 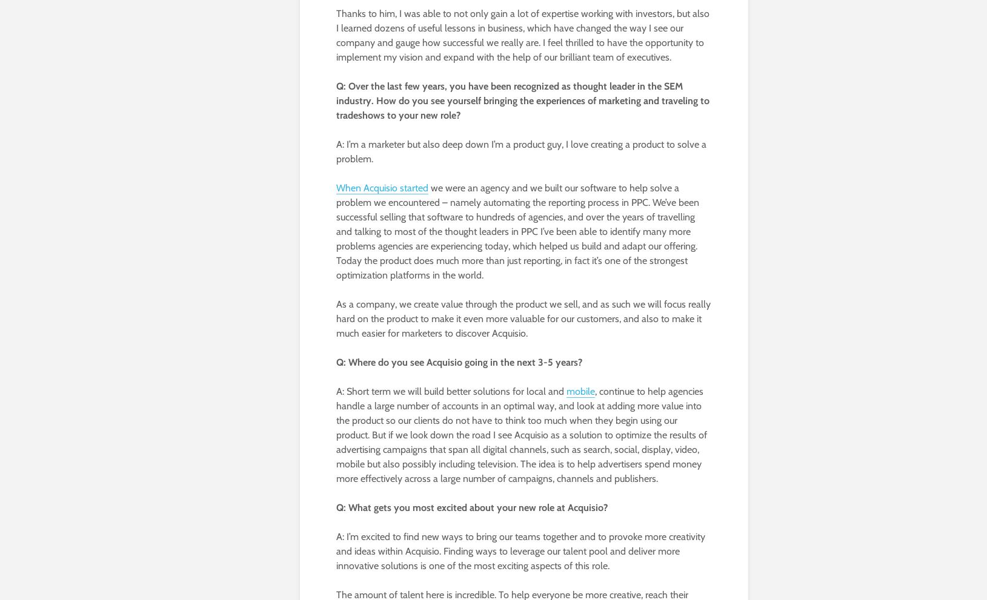 I want to click on ', continue to help agencies handle a large number of accounts in an optimal way, and look at adding more value into the product so our clients do not have to think too much when they begin using our product. But if we look down the road I see Acquisio as a solution to optimize the results of advertising campaigns that span all digital channels, such as search, social, display, video, mobile but also possibly including television. The idea is to help advertisers spend money more effectively across a large number of campaigns, channels and publishers.', so click(x=520, y=435).